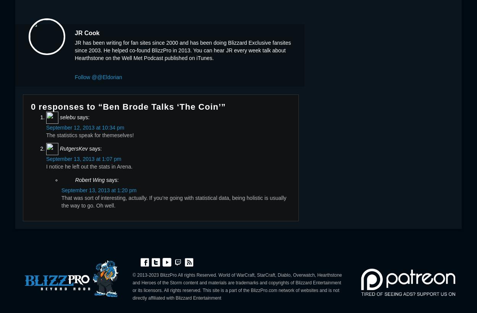  Describe the element at coordinates (83, 158) in the screenshot. I see `'September 13, 2013 at 1:07 pm'` at that location.